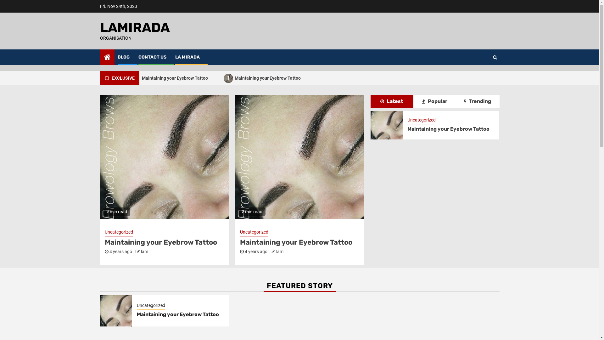 Image resolution: width=604 pixels, height=340 pixels. What do you see at coordinates (459, 101) in the screenshot?
I see `'Trending'` at bounding box center [459, 101].